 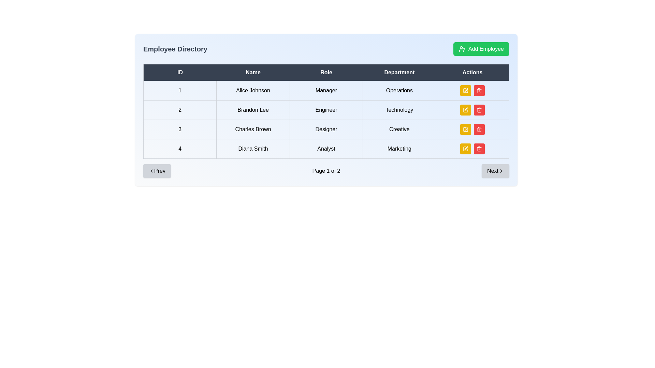 I want to click on number displayed in the Text label showing '1' located in the first column of the employee directory, directly preceding the name 'Alice Johnson', so click(x=180, y=90).